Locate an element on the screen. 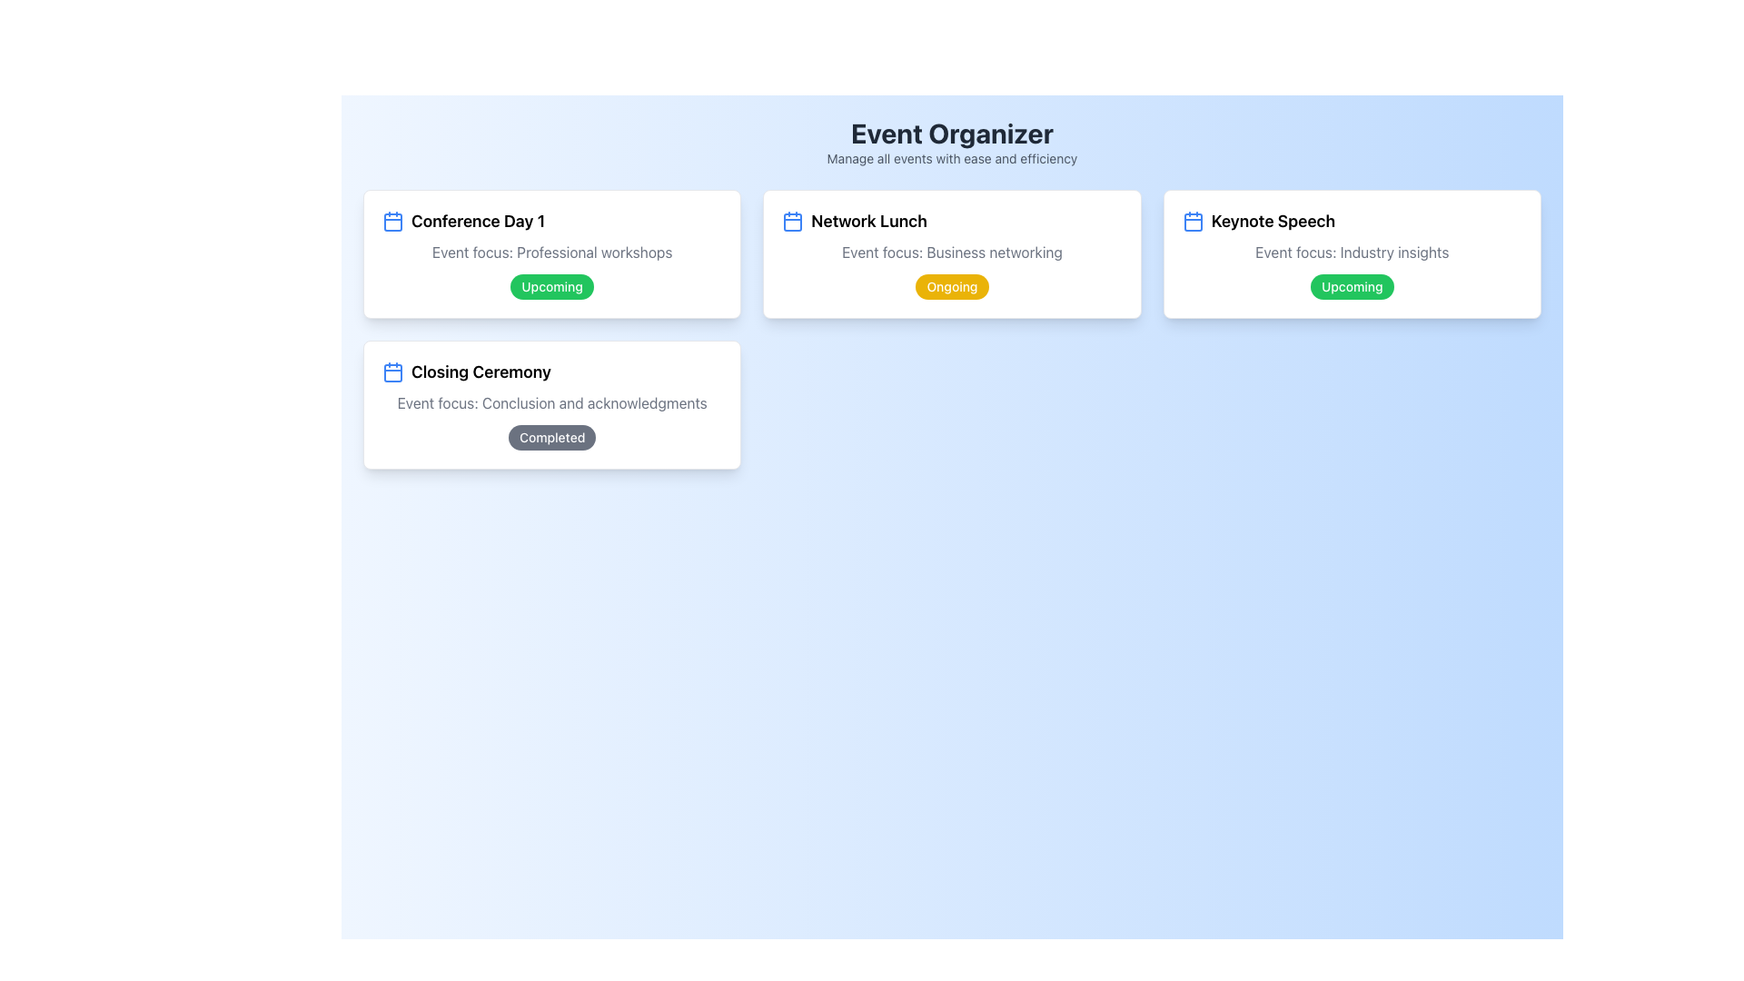 The image size is (1744, 981). the calendar icon located at the top-left corner of the 'Network Lunch' event card, next to the event title as static information is located at coordinates (793, 220).